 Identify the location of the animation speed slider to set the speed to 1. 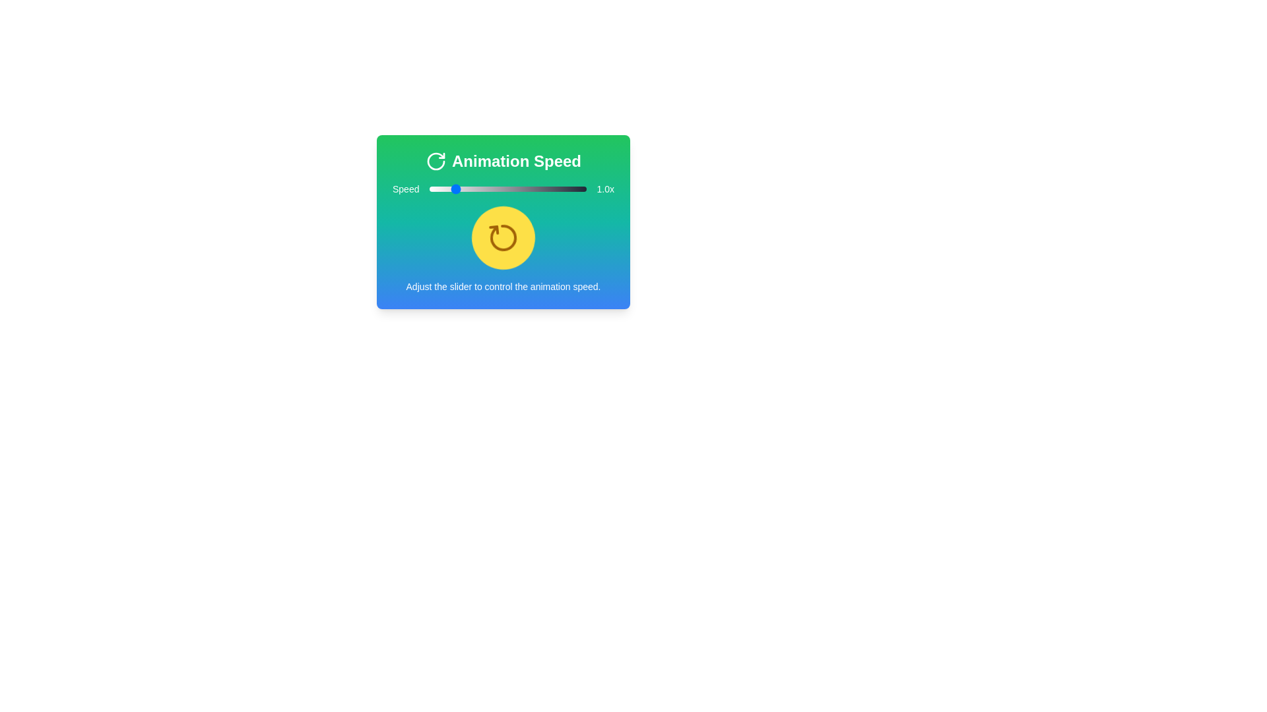
(452, 189).